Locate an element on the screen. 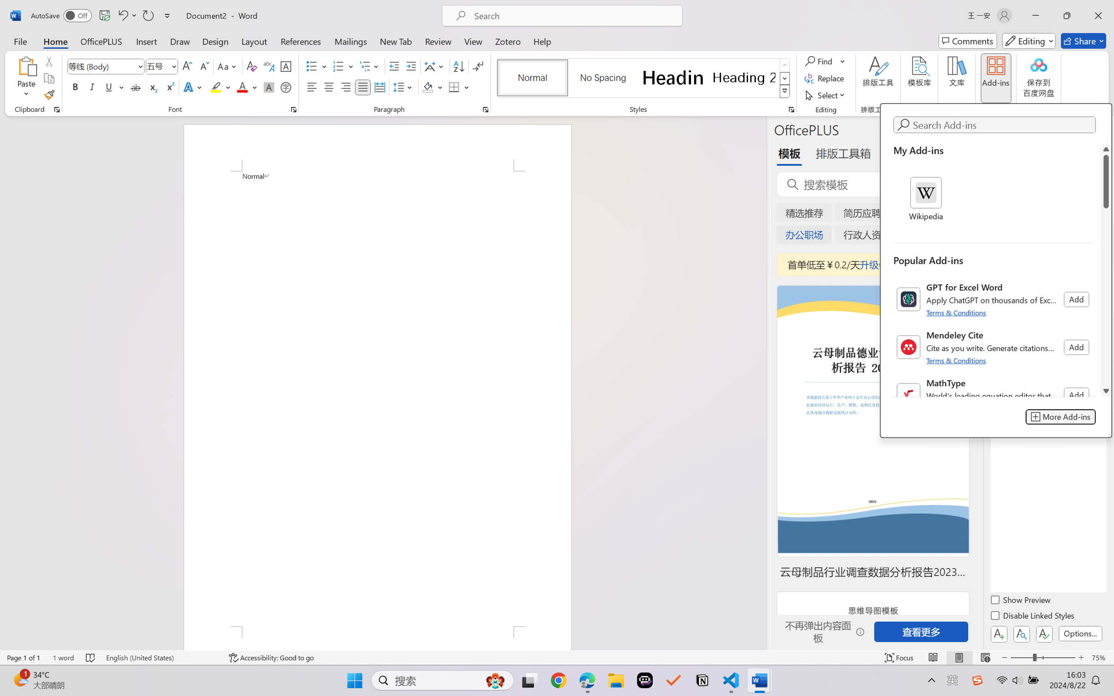  'Font' is located at coordinates (101, 66).